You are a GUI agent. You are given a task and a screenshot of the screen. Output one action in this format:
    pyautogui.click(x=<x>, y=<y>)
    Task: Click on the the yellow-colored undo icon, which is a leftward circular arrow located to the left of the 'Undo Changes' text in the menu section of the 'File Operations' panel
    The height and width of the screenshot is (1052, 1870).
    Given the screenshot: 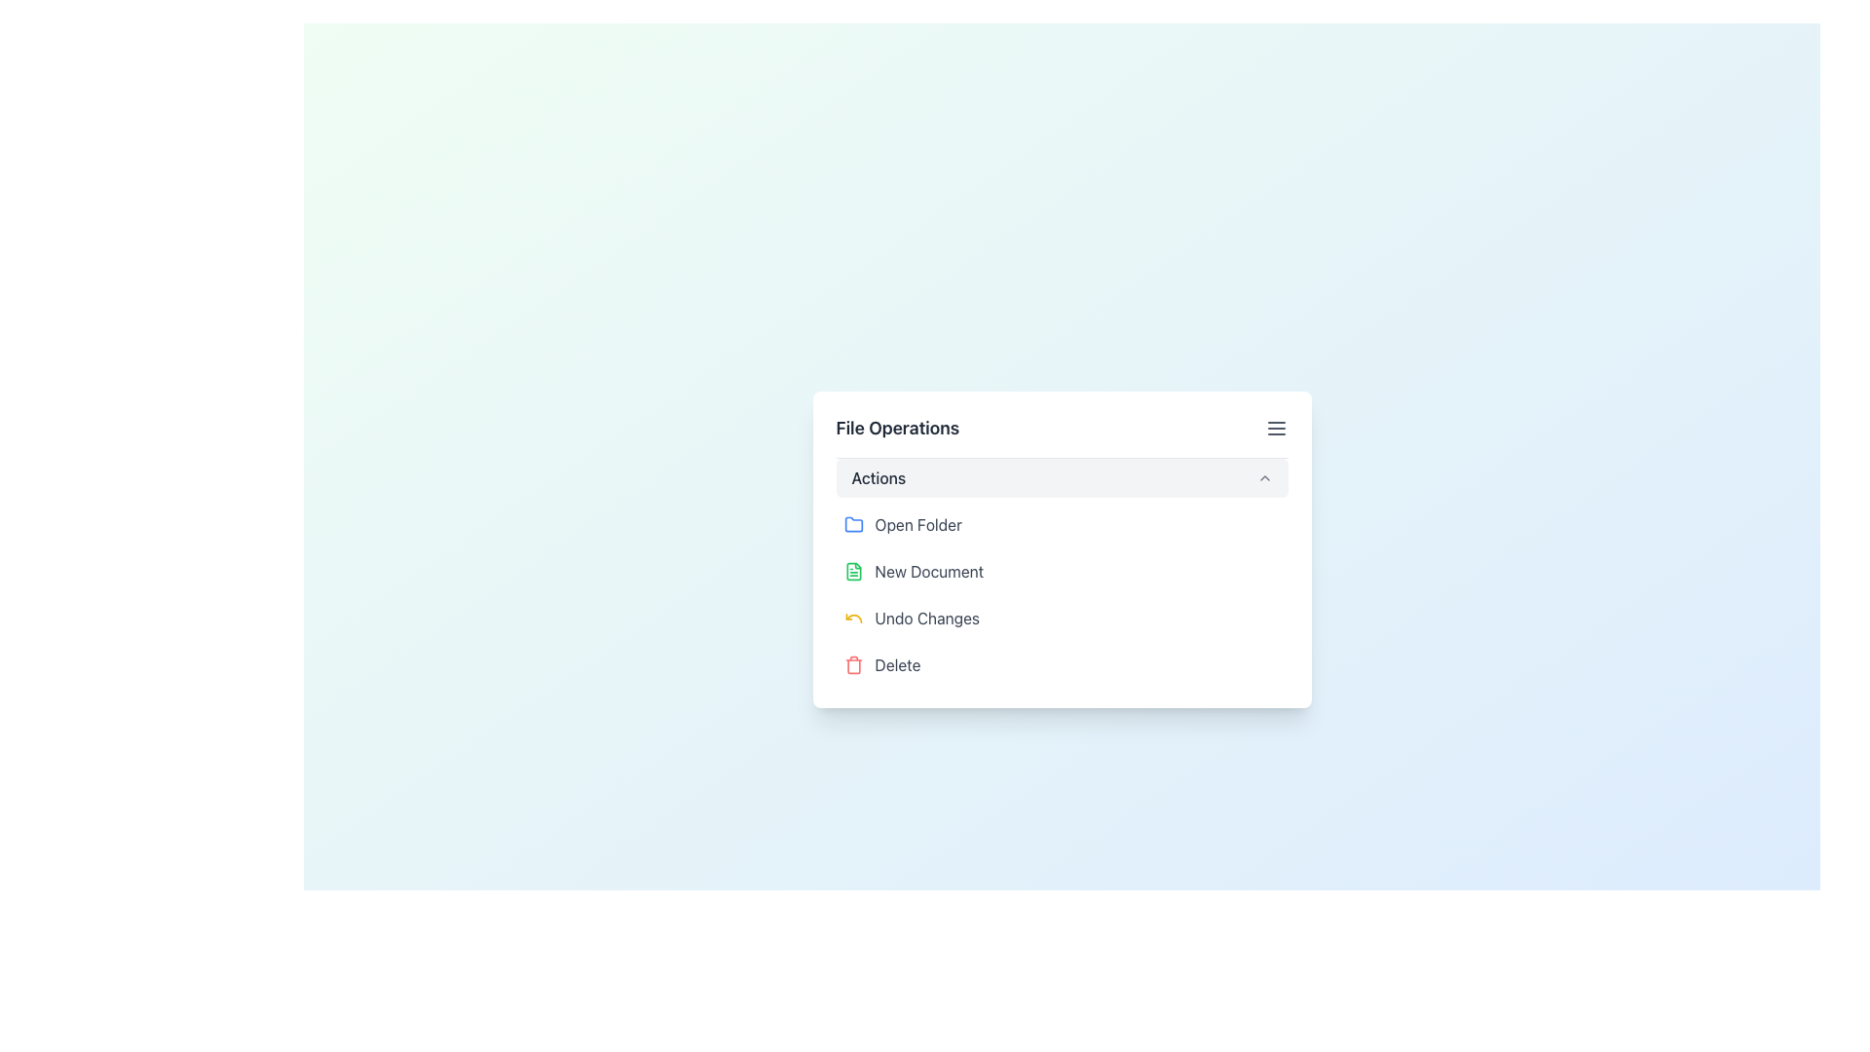 What is the action you would take?
    pyautogui.click(x=853, y=618)
    